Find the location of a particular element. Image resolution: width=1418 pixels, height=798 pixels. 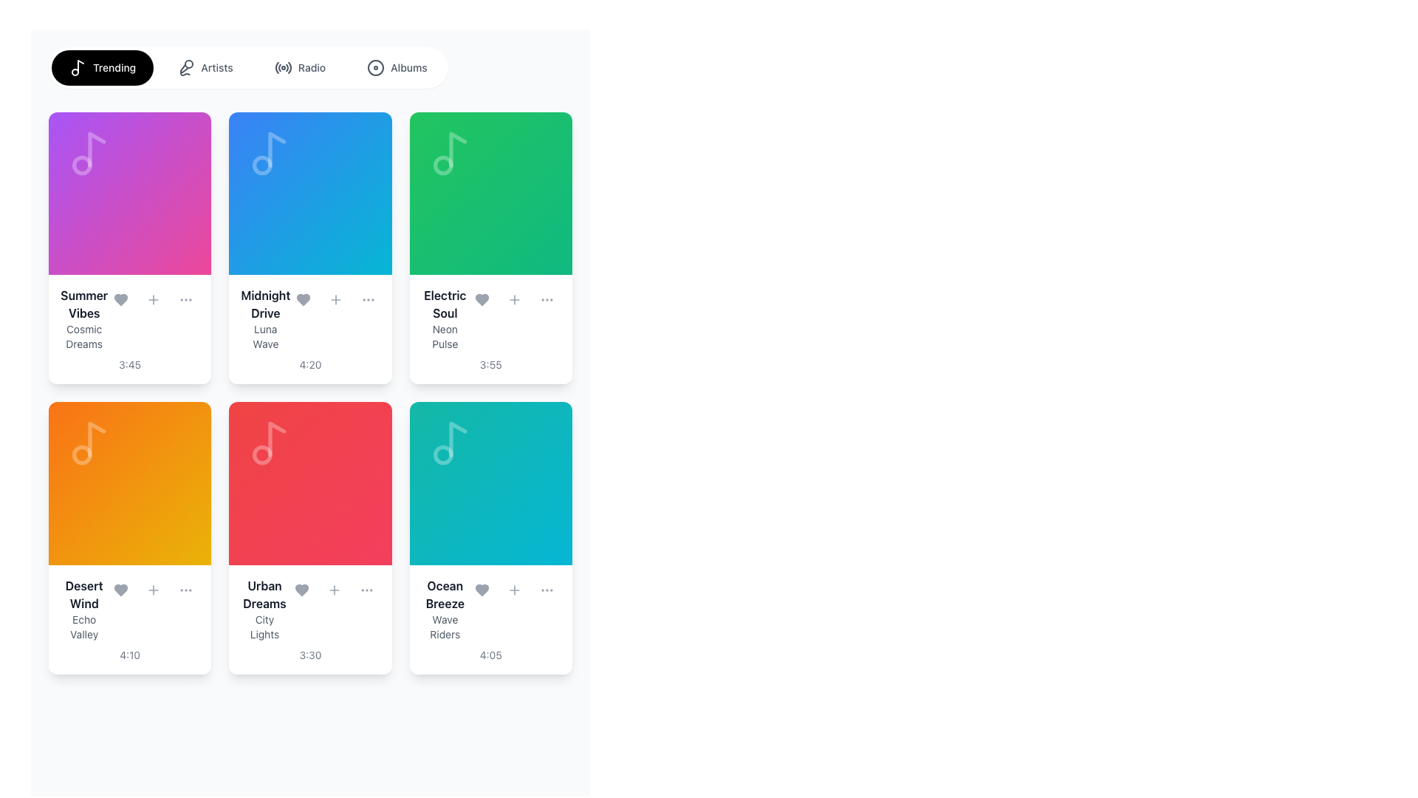

the decorative circle representing a music note within the bottom-right card of the music grid is located at coordinates (442, 454).